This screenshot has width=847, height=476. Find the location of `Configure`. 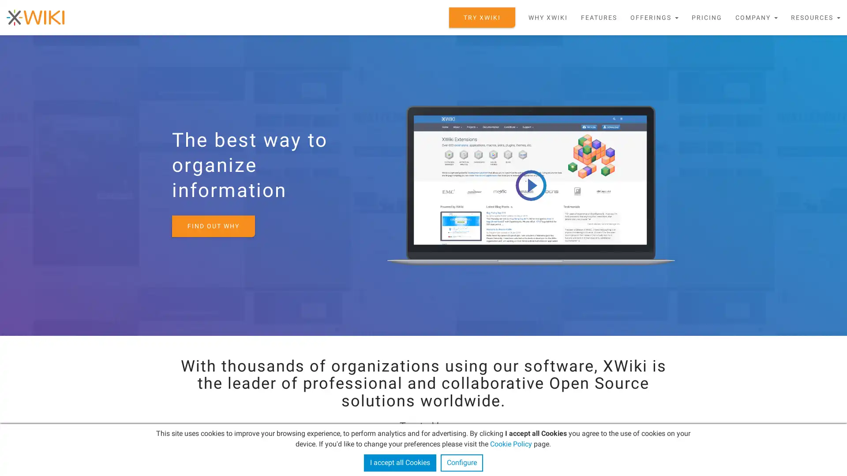

Configure is located at coordinates (461, 462).